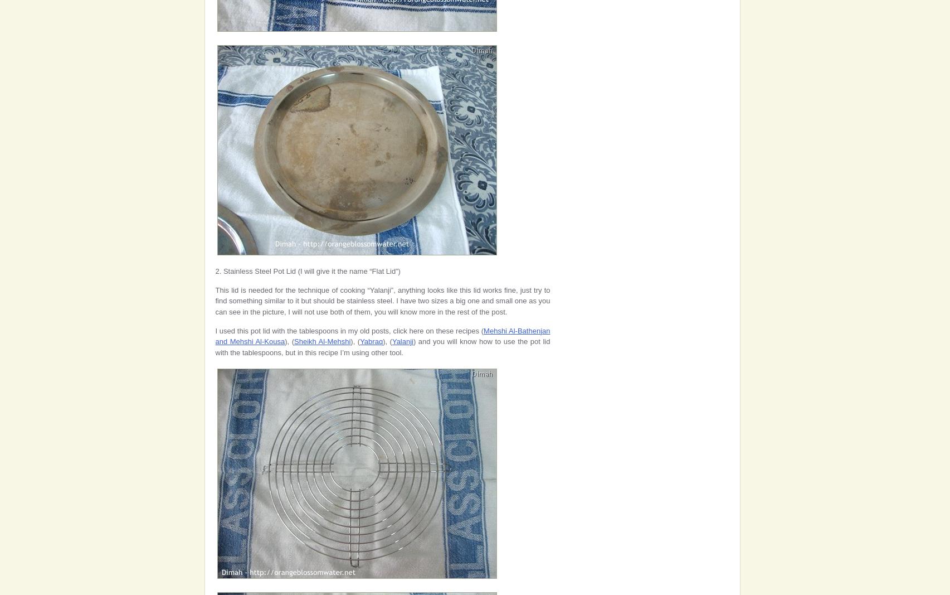  What do you see at coordinates (382, 336) in the screenshot?
I see `'Mehshi Al-Bathenjan and Mehshi Al-Kousa'` at bounding box center [382, 336].